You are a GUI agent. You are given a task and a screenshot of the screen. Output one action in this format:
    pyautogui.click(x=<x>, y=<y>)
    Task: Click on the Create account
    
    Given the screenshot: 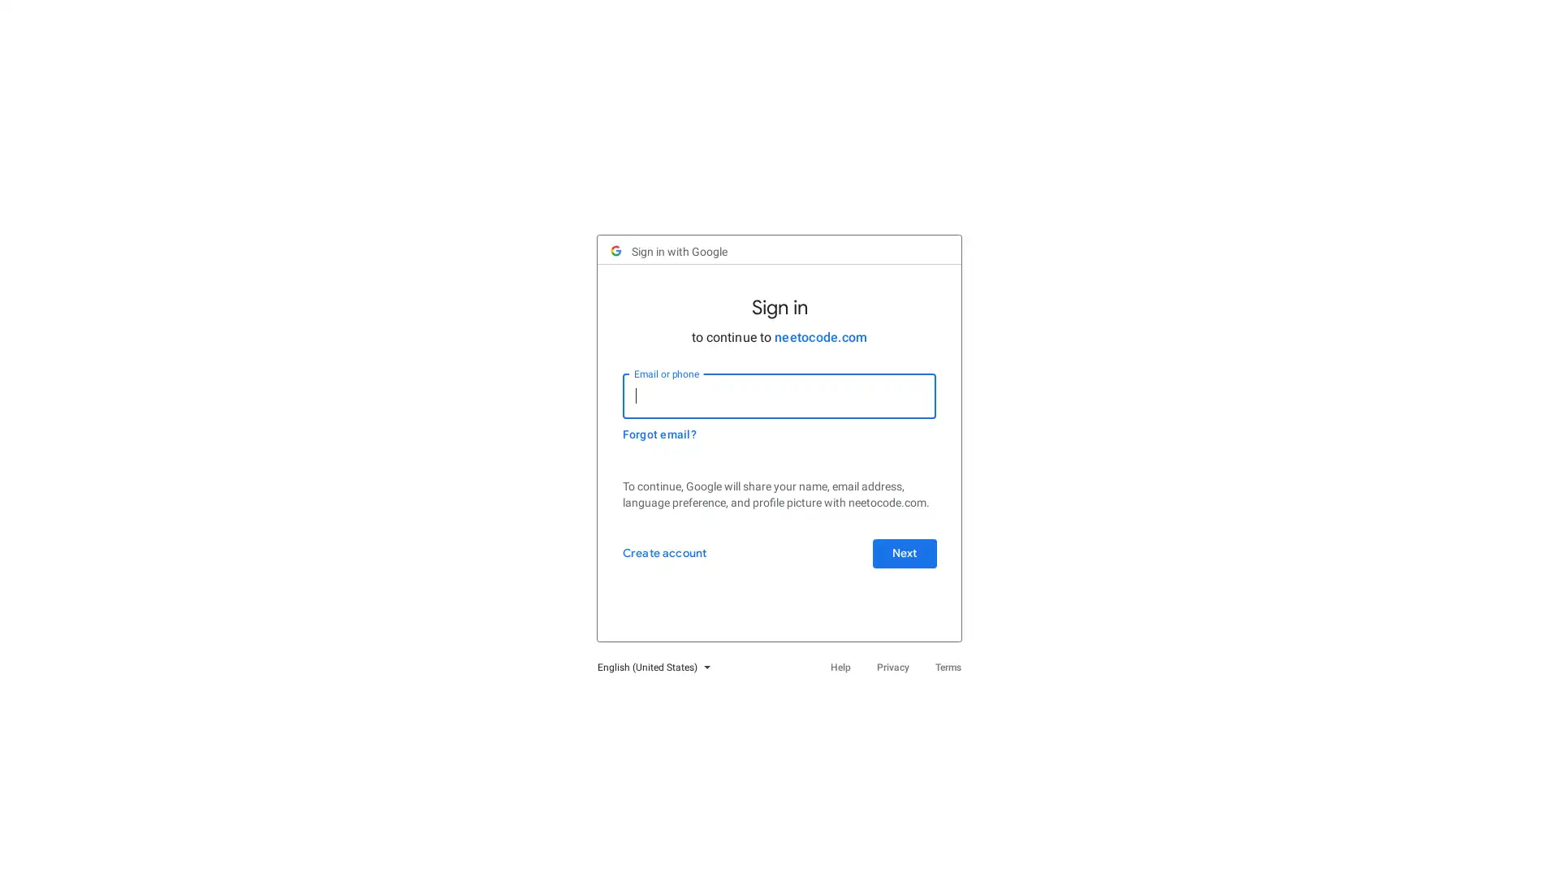 What is the action you would take?
    pyautogui.click(x=672, y=578)
    